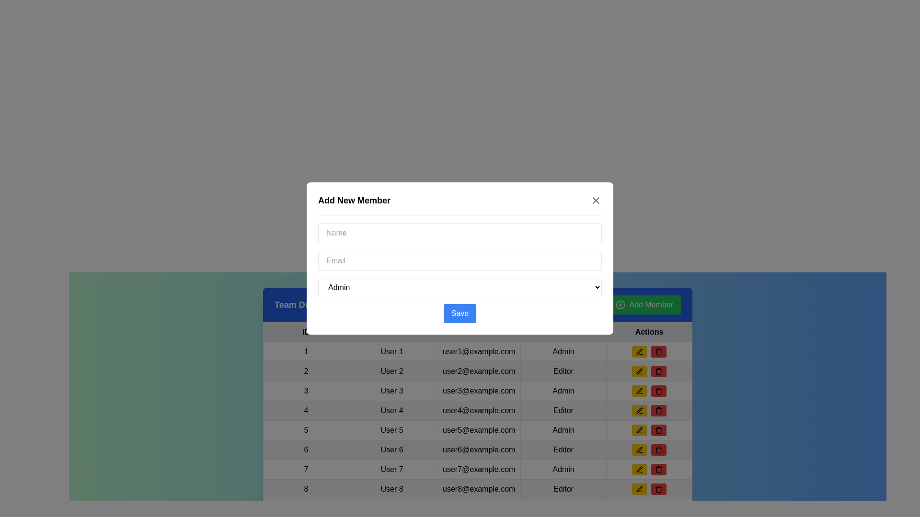 Image resolution: width=920 pixels, height=517 pixels. Describe the element at coordinates (478, 391) in the screenshot. I see `the static text field displaying the email address 'user3@example.com', which is the third element in the row labeled '3 User 3 user3@example.com Admin'` at that location.